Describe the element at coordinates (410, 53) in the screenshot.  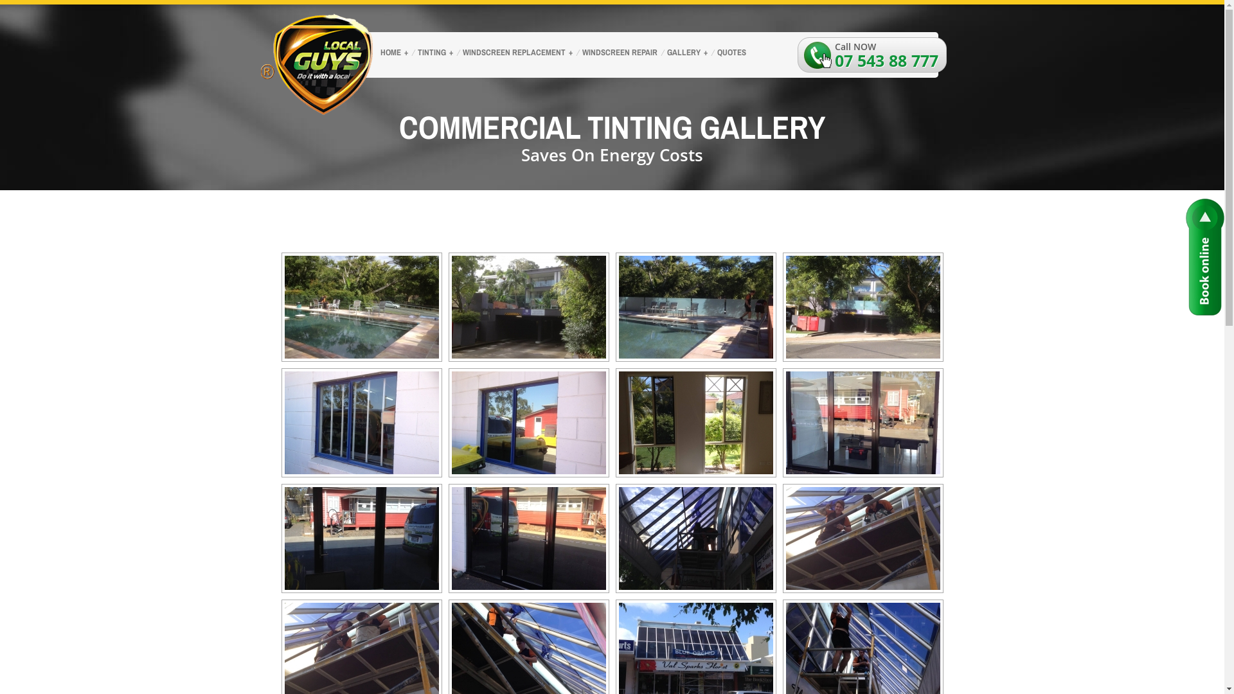
I see `'TINTING'` at that location.